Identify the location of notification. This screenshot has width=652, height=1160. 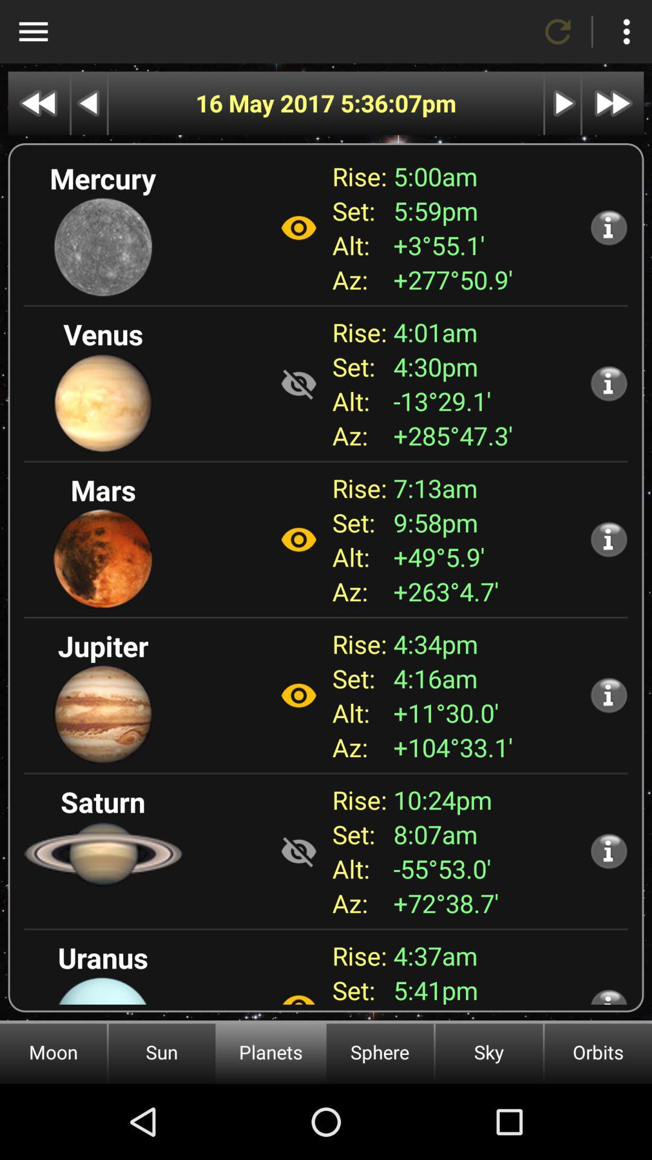
(609, 996).